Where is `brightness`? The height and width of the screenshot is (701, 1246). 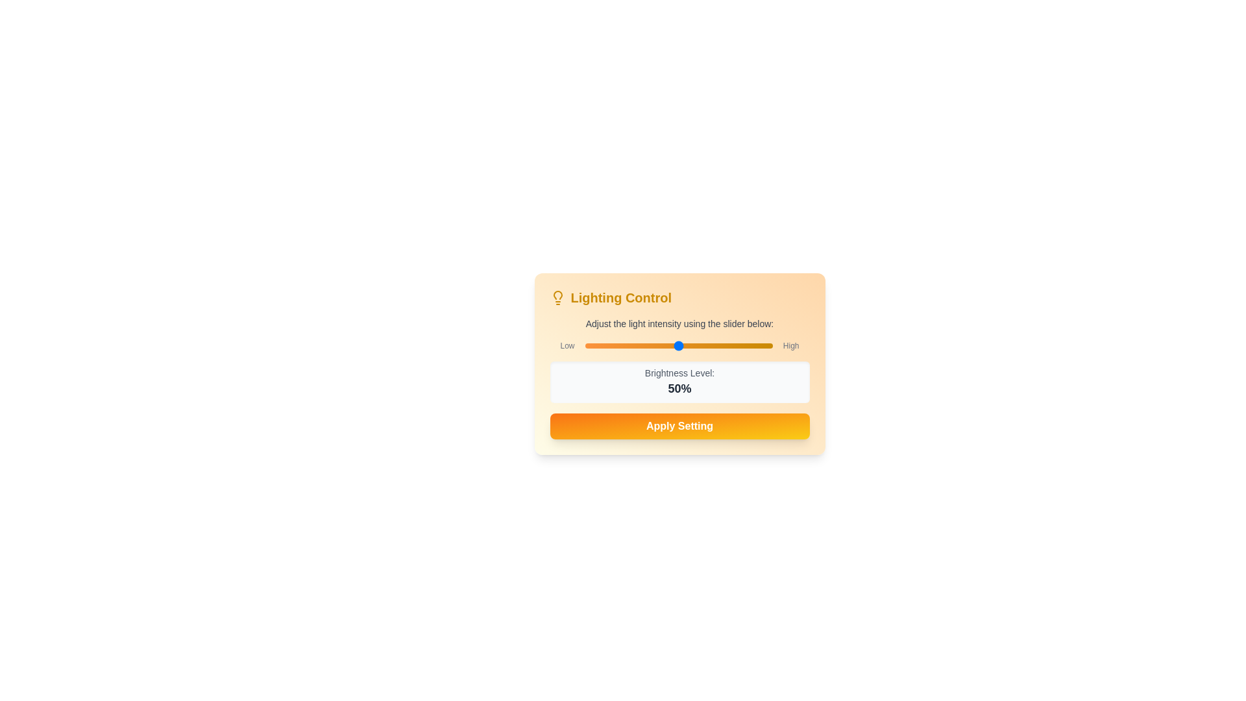
brightness is located at coordinates (614, 345).